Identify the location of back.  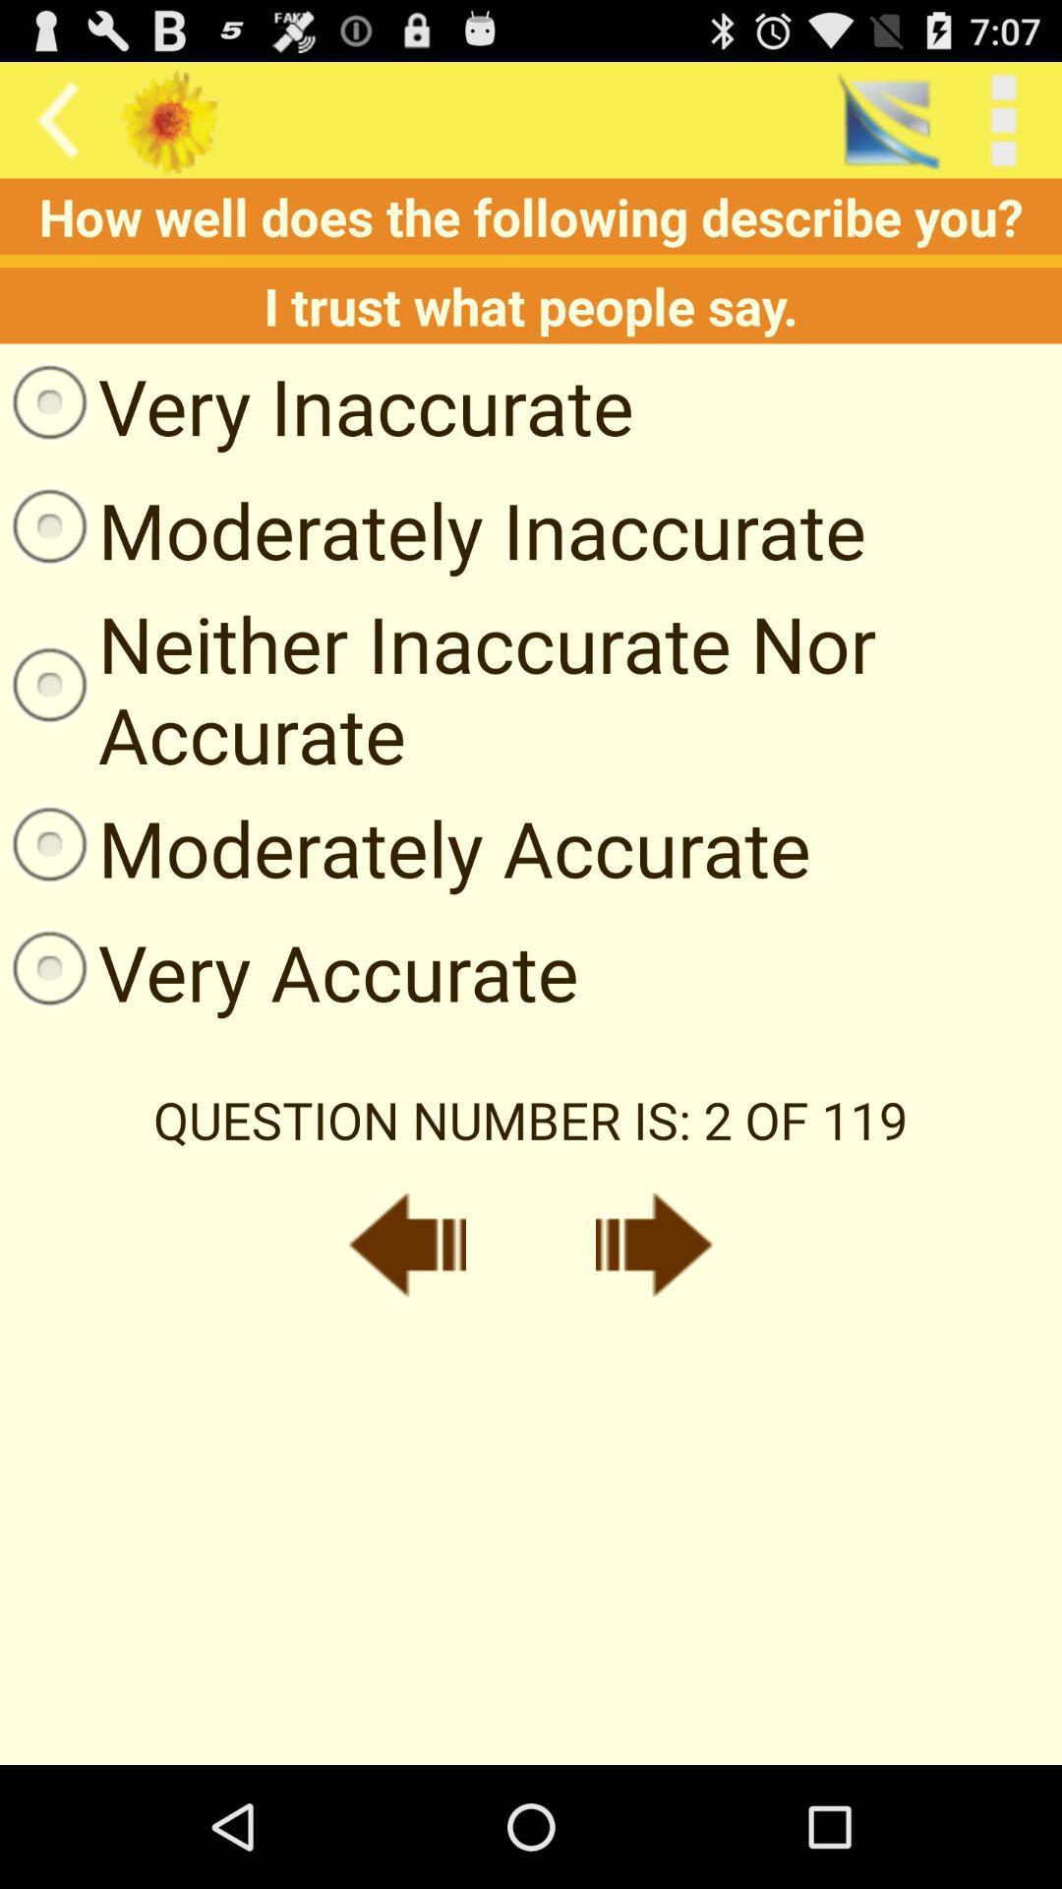
(406, 1244).